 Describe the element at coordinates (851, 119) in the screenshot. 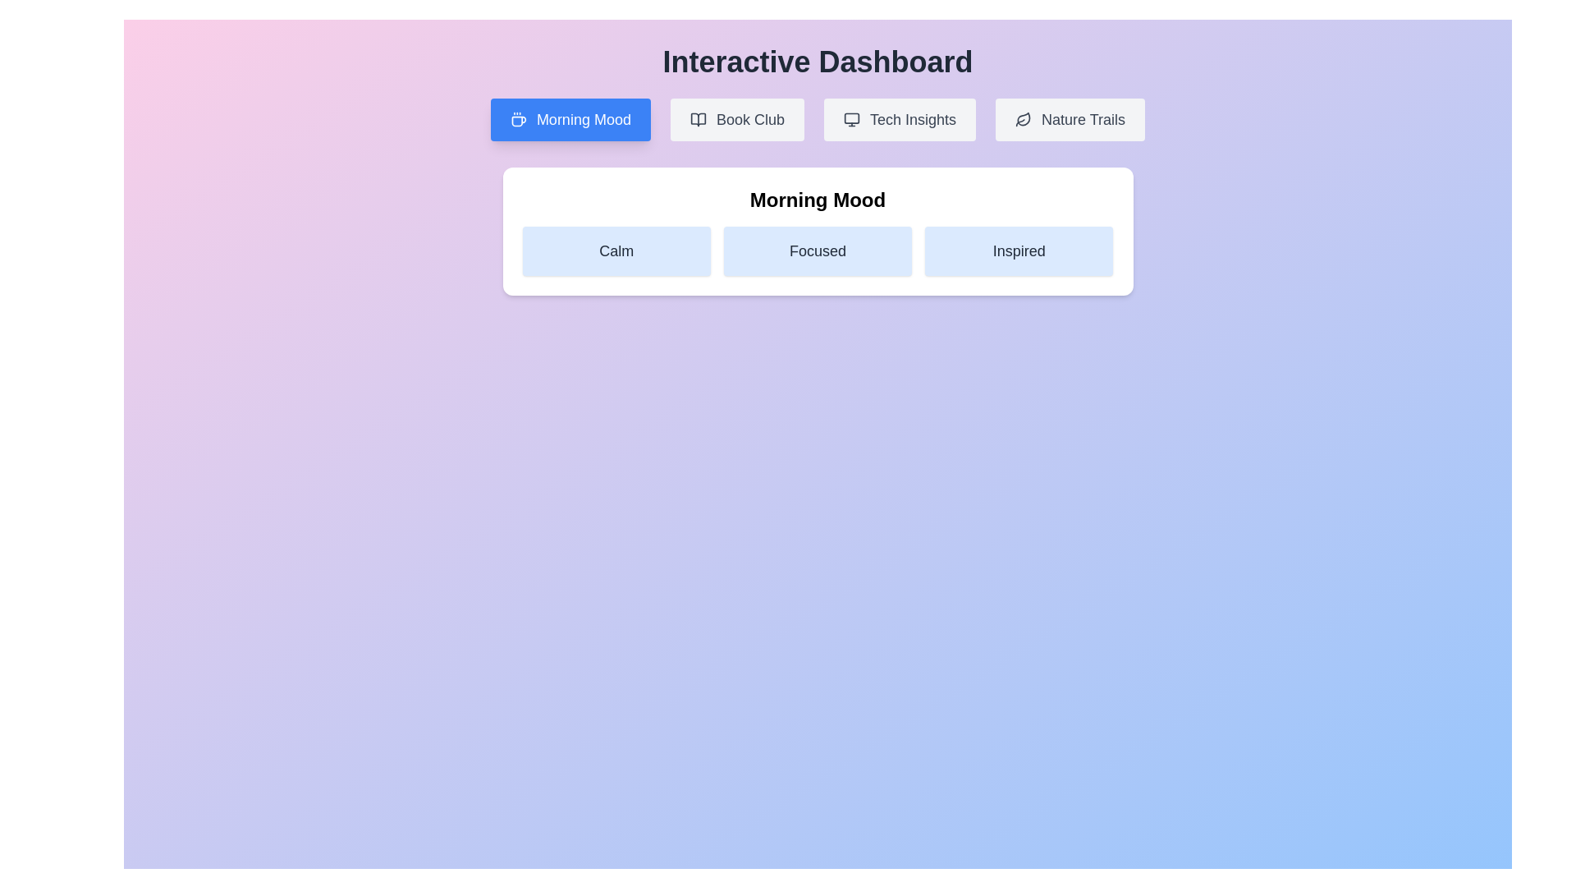

I see `the monitor icon located to the left of the 'Tech Insights' text within the button, which is styled with clean lines and a minimalist design` at that location.